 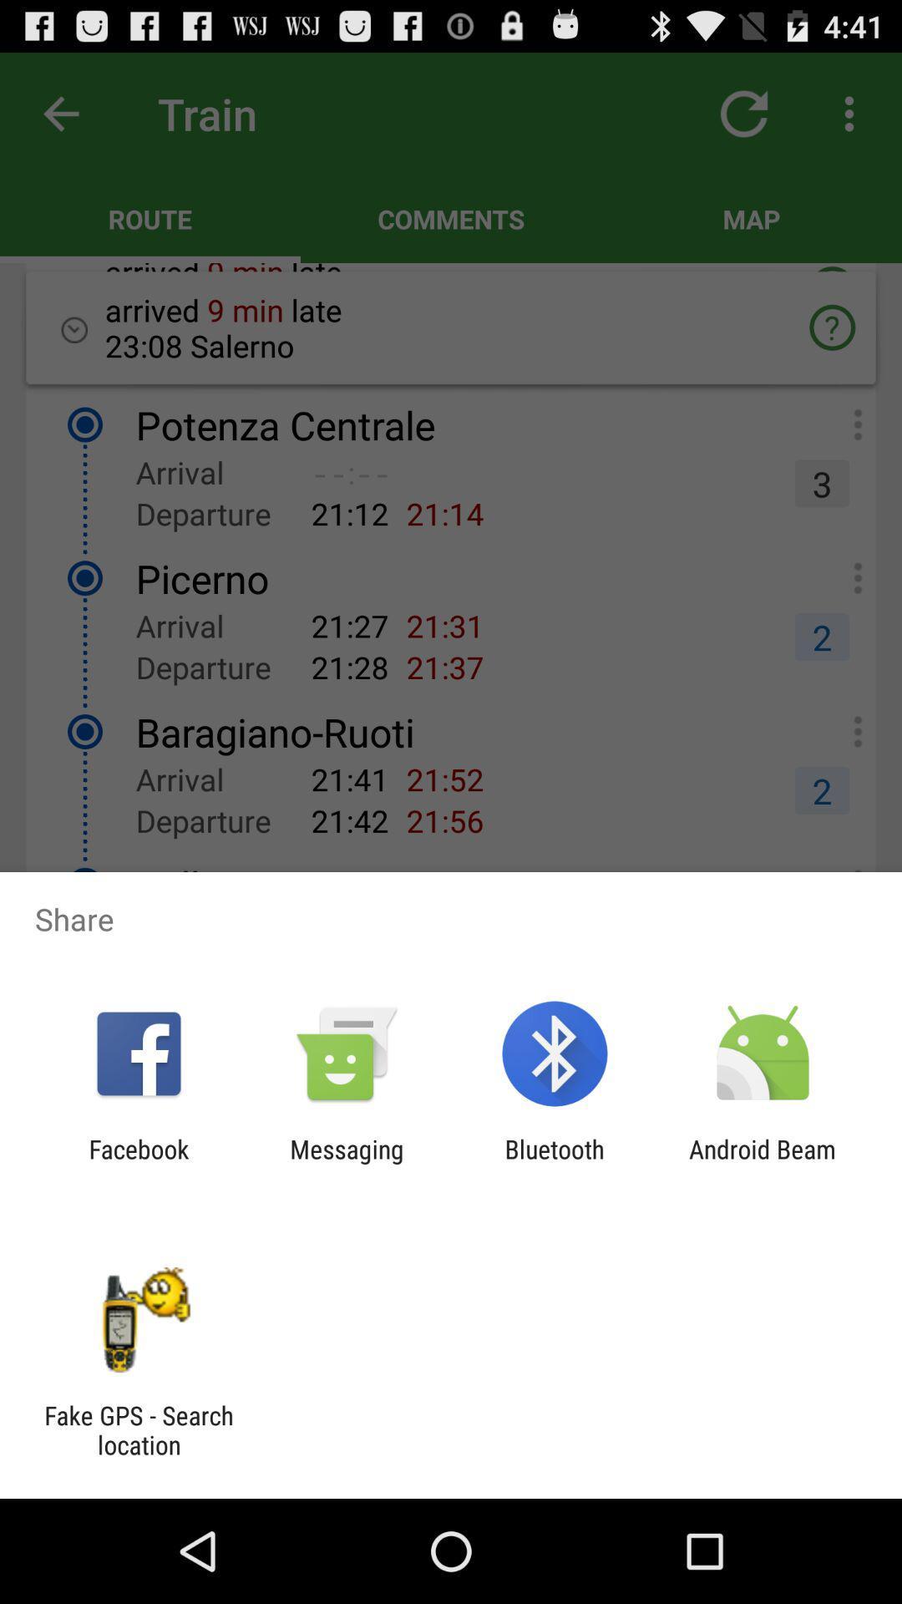 What do you see at coordinates (138, 1163) in the screenshot?
I see `the facebook app` at bounding box center [138, 1163].